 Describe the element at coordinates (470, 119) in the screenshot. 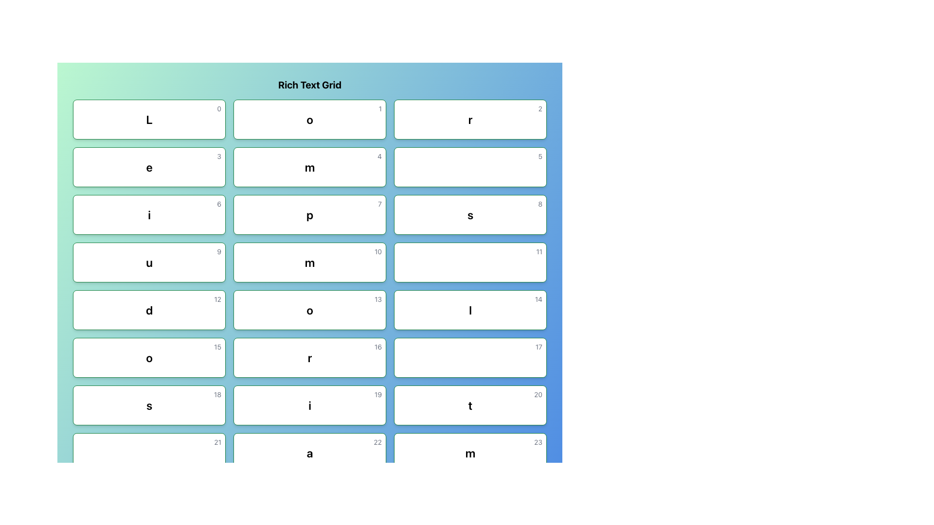

I see `the single black lowercase letter 'r' displayed in a modern, bold font located in the top right grid cell of a structured grid layout` at that location.